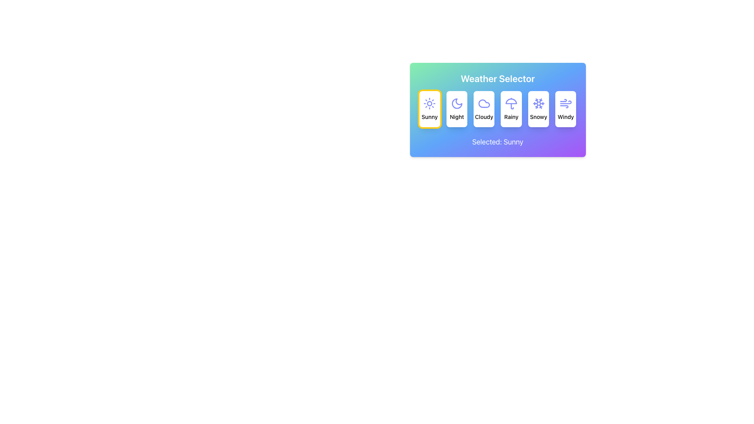  Describe the element at coordinates (483, 103) in the screenshot. I see `the 'Cloudy' weather condition icon` at that location.